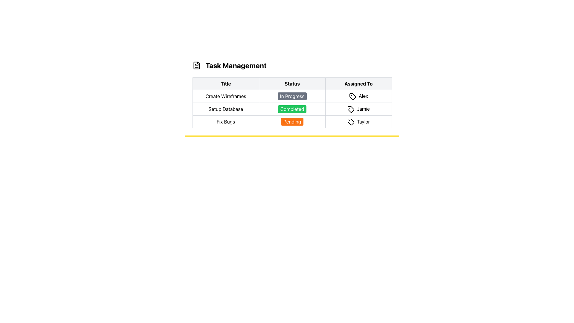  Describe the element at coordinates (351, 122) in the screenshot. I see `the icon shaped like a tag in the third row of the 'Assigned To' column, which has a circular dot near its top-left corner and is associated with the text 'Taylor'` at that location.